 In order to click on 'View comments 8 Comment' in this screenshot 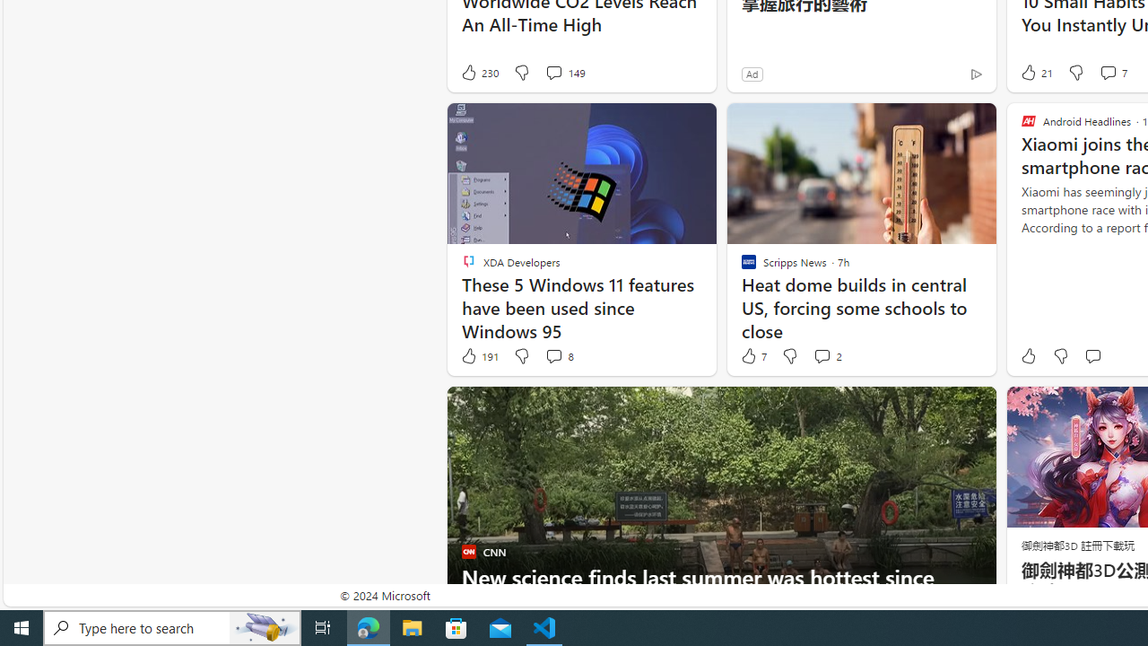, I will do `click(552, 356)`.